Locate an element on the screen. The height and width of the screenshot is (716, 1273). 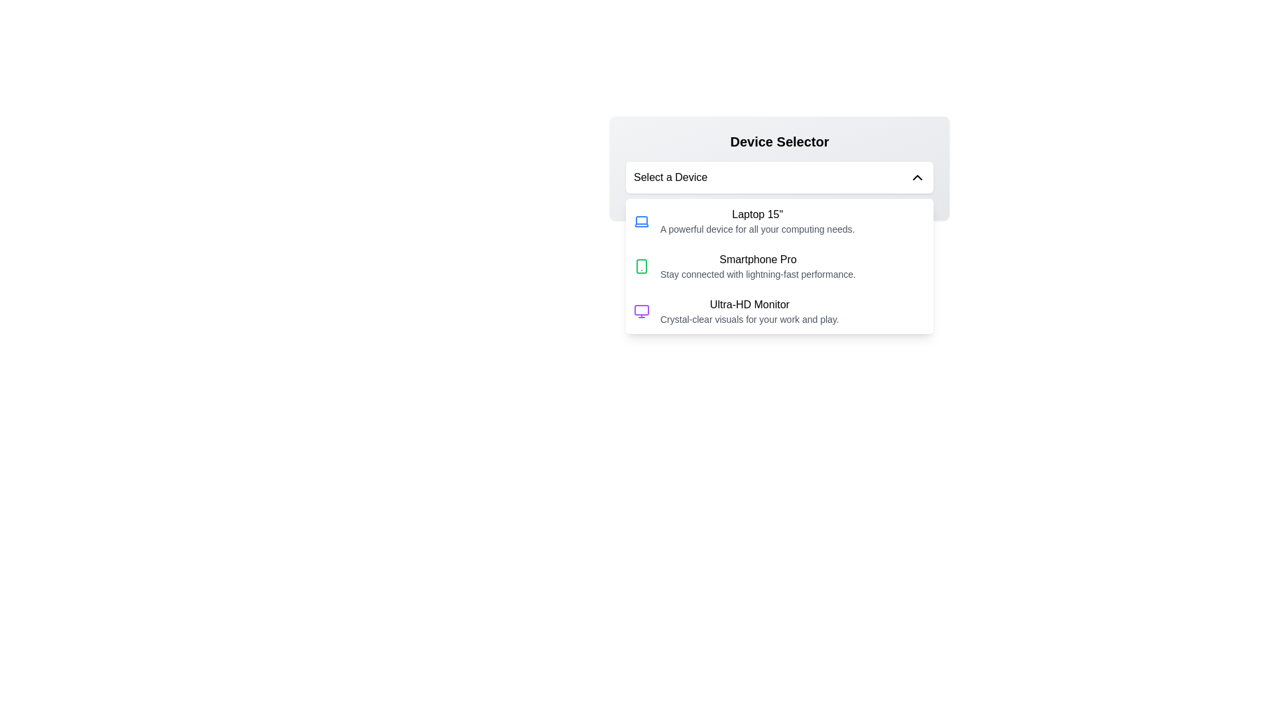
the selectable list item for 'Ultra-HD Monitor' is located at coordinates (780, 312).